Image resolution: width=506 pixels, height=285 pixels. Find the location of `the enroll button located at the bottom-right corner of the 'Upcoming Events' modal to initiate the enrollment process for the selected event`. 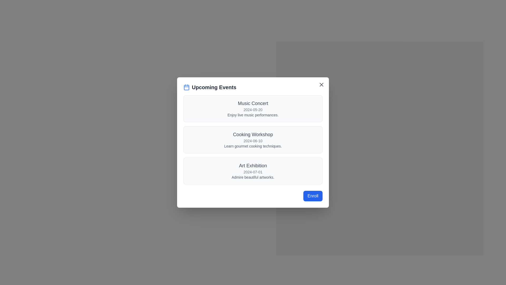

the enroll button located at the bottom-right corner of the 'Upcoming Events' modal to initiate the enrollment process for the selected event is located at coordinates (313, 196).